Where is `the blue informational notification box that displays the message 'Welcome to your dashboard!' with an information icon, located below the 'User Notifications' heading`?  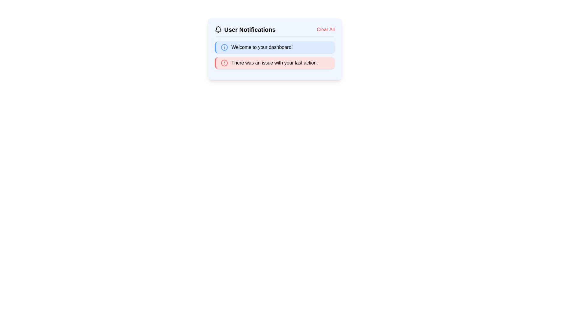
the blue informational notification box that displays the message 'Welcome to your dashboard!' with an information icon, located below the 'User Notifications' heading is located at coordinates (274, 47).